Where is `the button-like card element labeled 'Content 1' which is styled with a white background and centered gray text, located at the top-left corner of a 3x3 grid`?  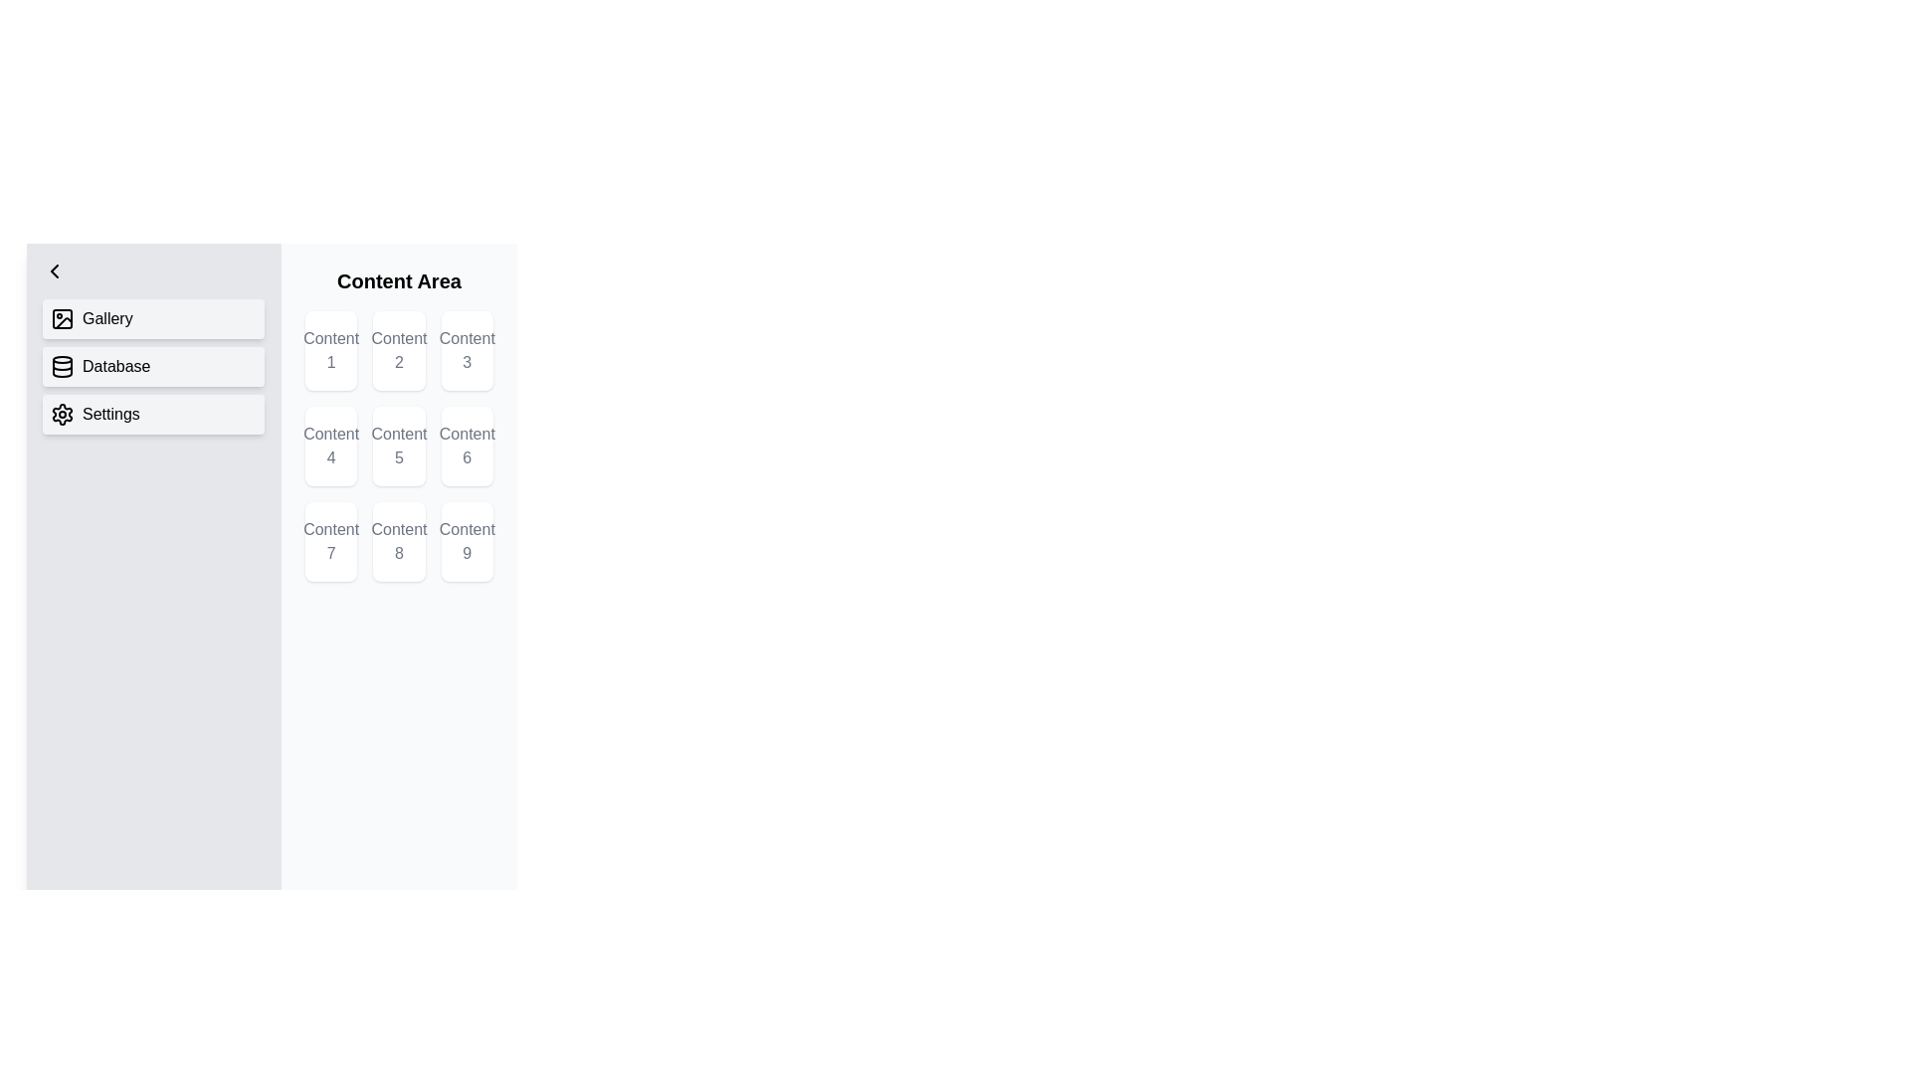 the button-like card element labeled 'Content 1' which is styled with a white background and centered gray text, located at the top-left corner of a 3x3 grid is located at coordinates (331, 350).